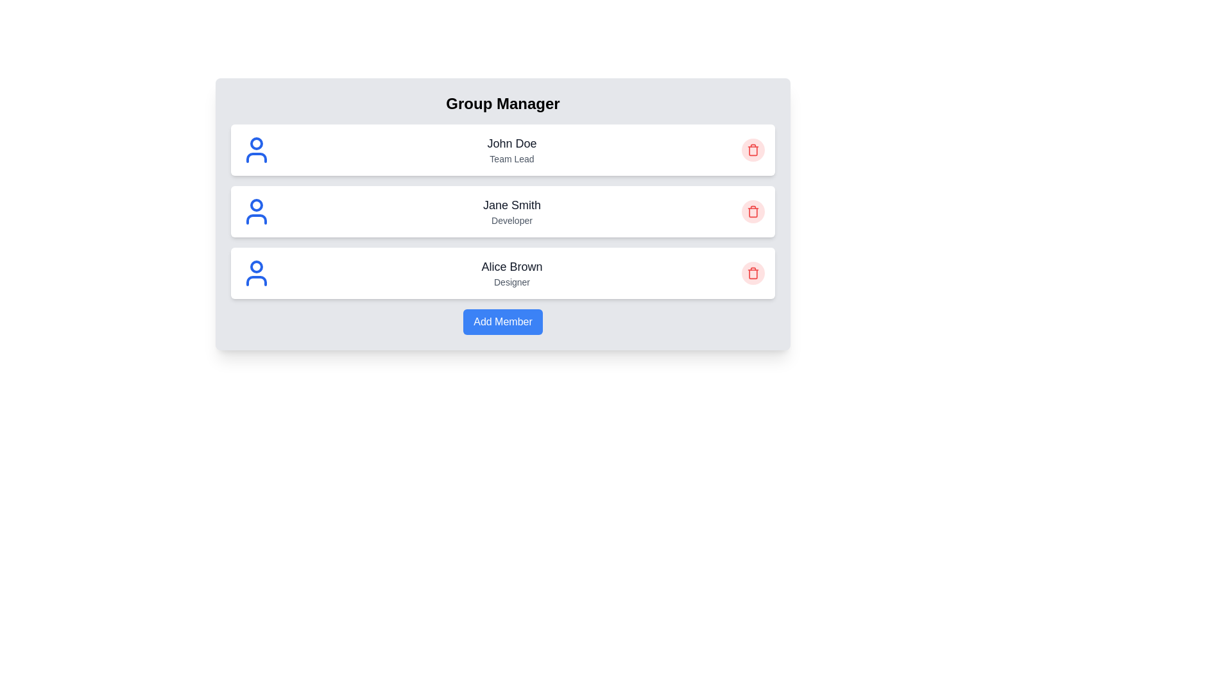 This screenshot has height=693, width=1232. Describe the element at coordinates (511, 143) in the screenshot. I see `the text element displaying the name 'John Doe' in bold, medium-sized dark gray font, located at the top of the first user entry in the list` at that location.